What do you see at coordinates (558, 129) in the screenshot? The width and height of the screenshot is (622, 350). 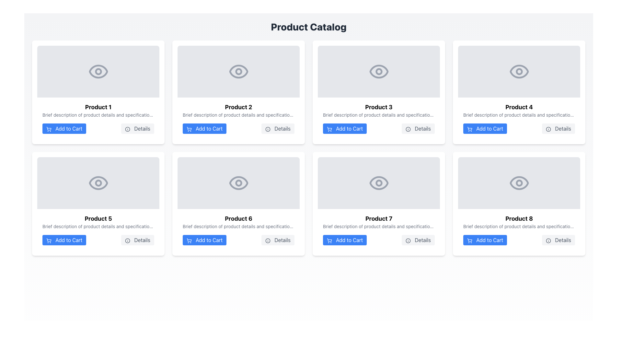 I see `the 'Details' button, which is styled with a light-gray background and darker-gray text, located to the right of the 'Add to Cart' button within the card layout of 'Product 4'` at bounding box center [558, 129].